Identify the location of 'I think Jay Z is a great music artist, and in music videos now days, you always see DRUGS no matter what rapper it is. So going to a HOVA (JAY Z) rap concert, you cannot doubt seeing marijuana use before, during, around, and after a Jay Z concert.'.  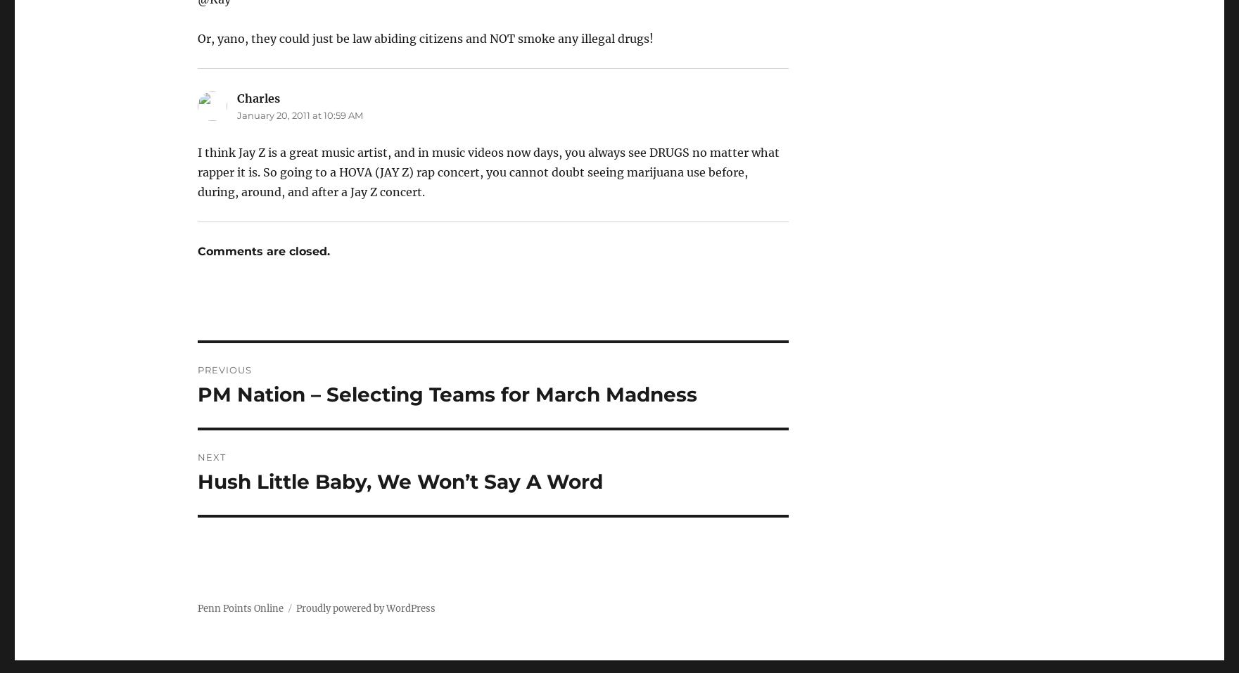
(488, 171).